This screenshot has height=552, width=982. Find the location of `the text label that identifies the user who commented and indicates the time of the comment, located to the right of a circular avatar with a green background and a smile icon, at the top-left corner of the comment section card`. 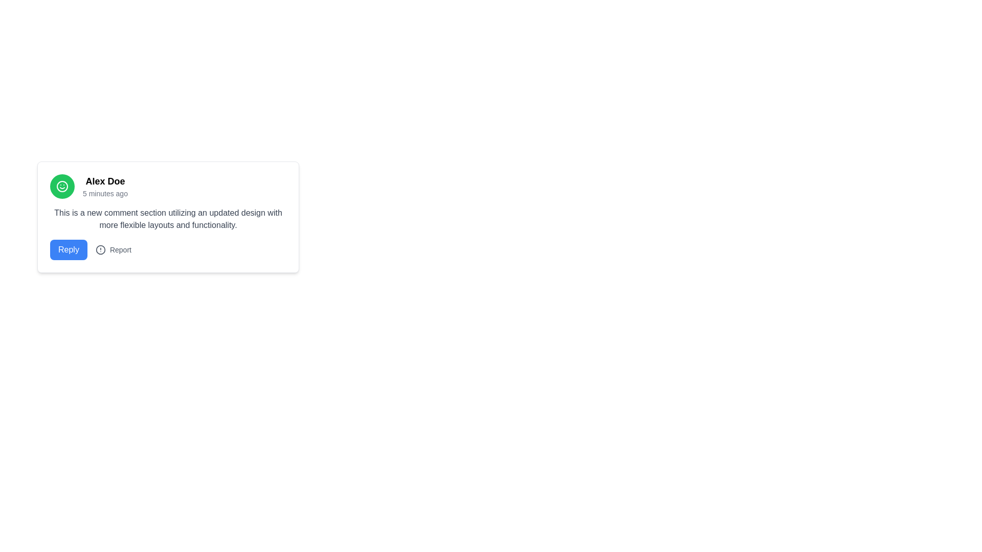

the text label that identifies the user who commented and indicates the time of the comment, located to the right of a circular avatar with a green background and a smile icon, at the top-left corner of the comment section card is located at coordinates (105, 187).